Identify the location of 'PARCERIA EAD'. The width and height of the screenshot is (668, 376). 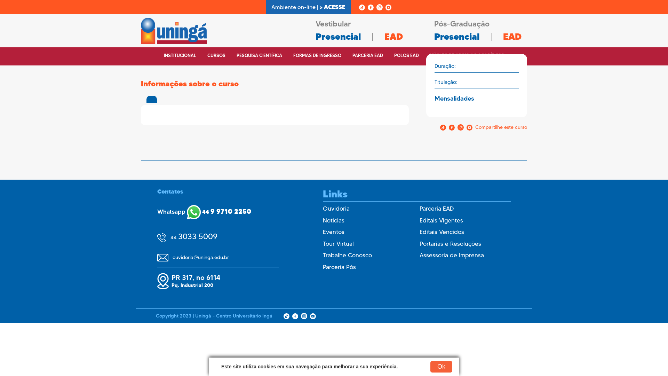
(367, 56).